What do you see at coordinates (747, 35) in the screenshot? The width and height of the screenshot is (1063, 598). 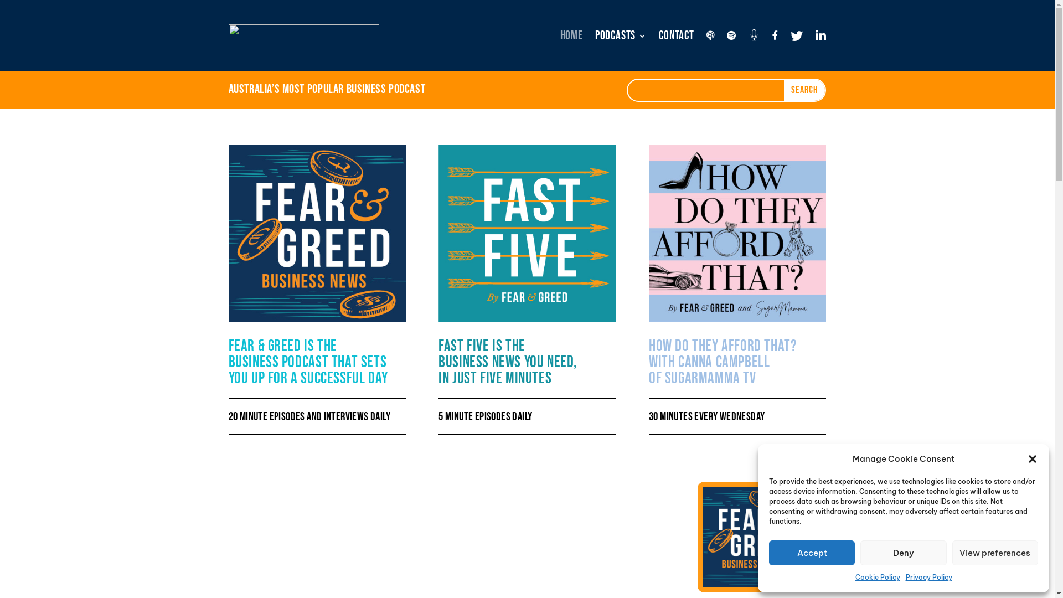 I see `'#'` at bounding box center [747, 35].